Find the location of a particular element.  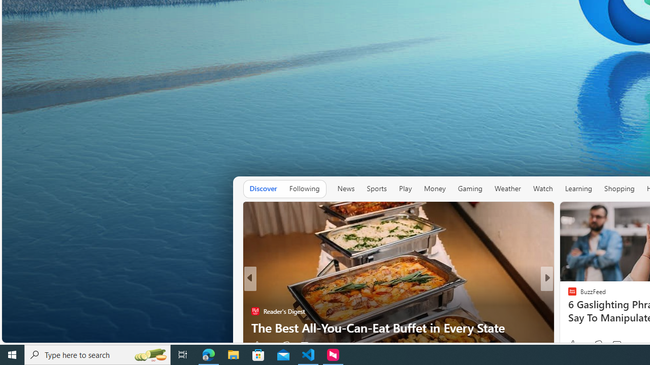

'FOX News' is located at coordinates (567, 295).